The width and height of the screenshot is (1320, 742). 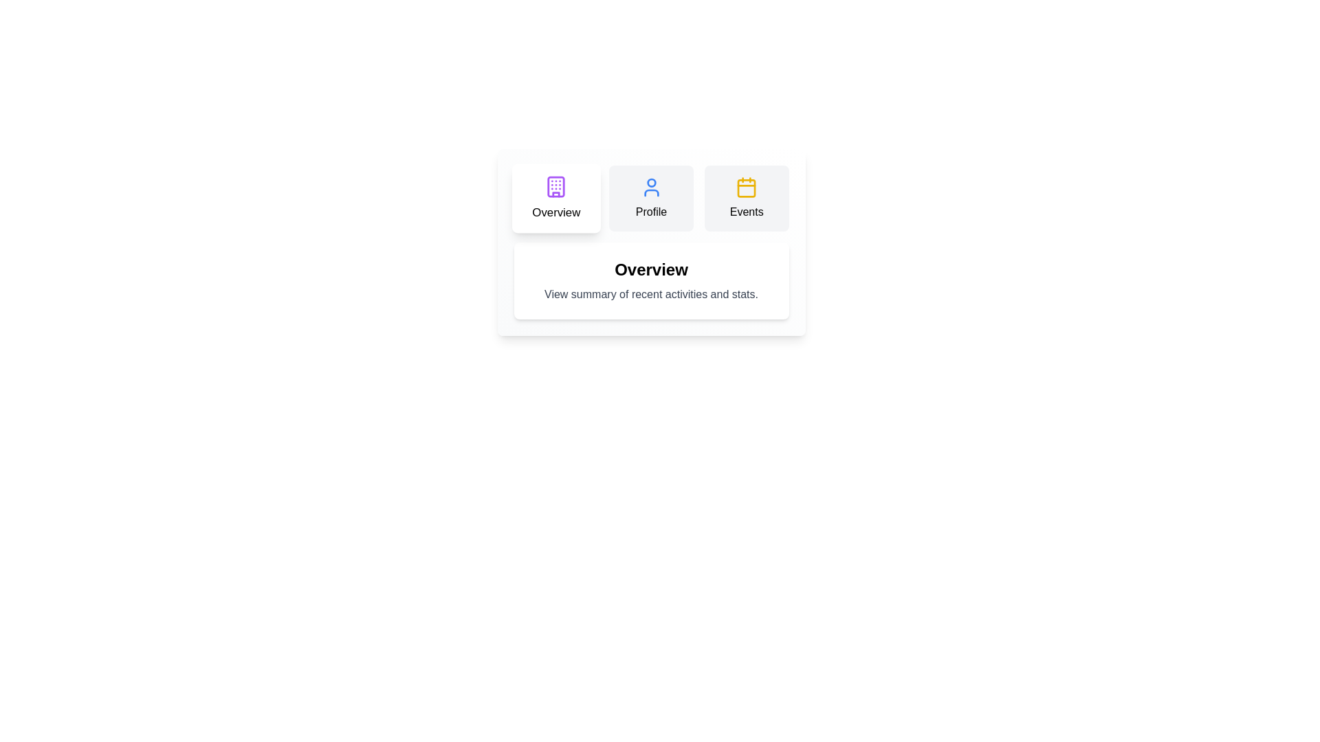 I want to click on the tab button labeled Events to switch to the corresponding tab, so click(x=746, y=199).